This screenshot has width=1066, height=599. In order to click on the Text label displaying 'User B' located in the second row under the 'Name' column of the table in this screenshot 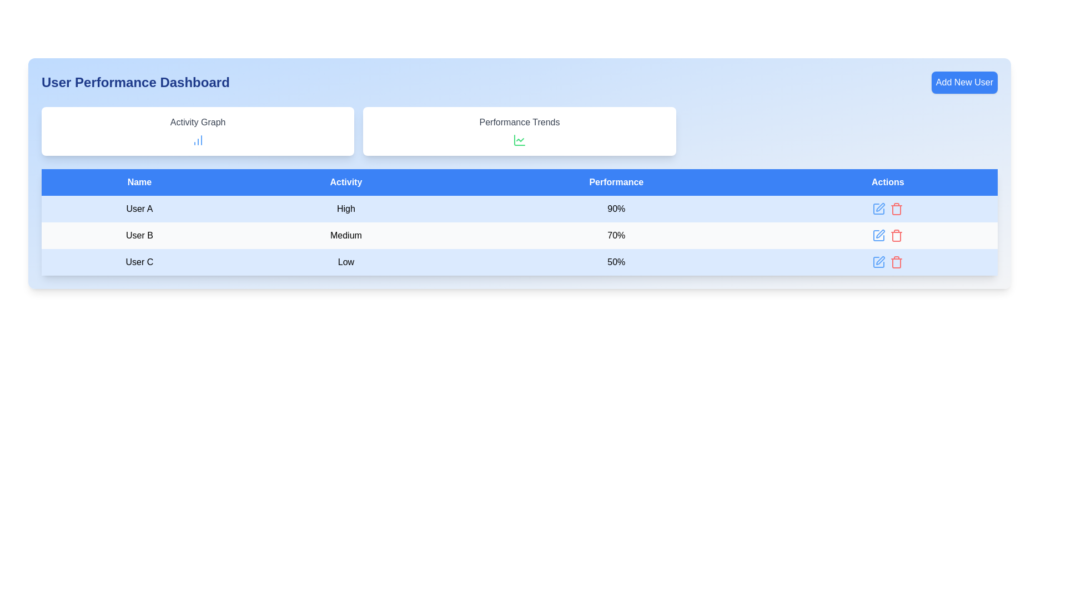, I will do `click(139, 235)`.